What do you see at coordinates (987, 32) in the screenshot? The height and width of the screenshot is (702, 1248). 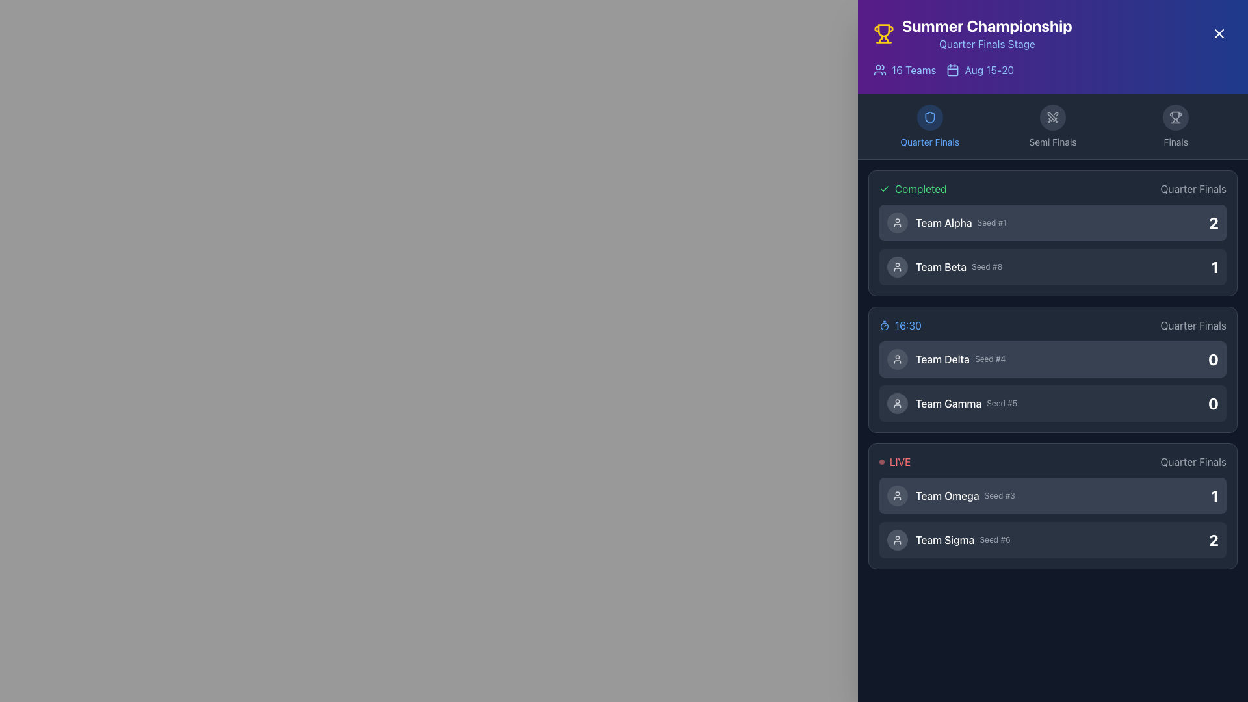 I see `text from the 'Summer Championship' label, which displays 'Summer Championship' in large bold white font and 'Quarter Finals Stage' in smaller light blue font, located in the top section of the interface to the right of a trophy icon` at bounding box center [987, 32].